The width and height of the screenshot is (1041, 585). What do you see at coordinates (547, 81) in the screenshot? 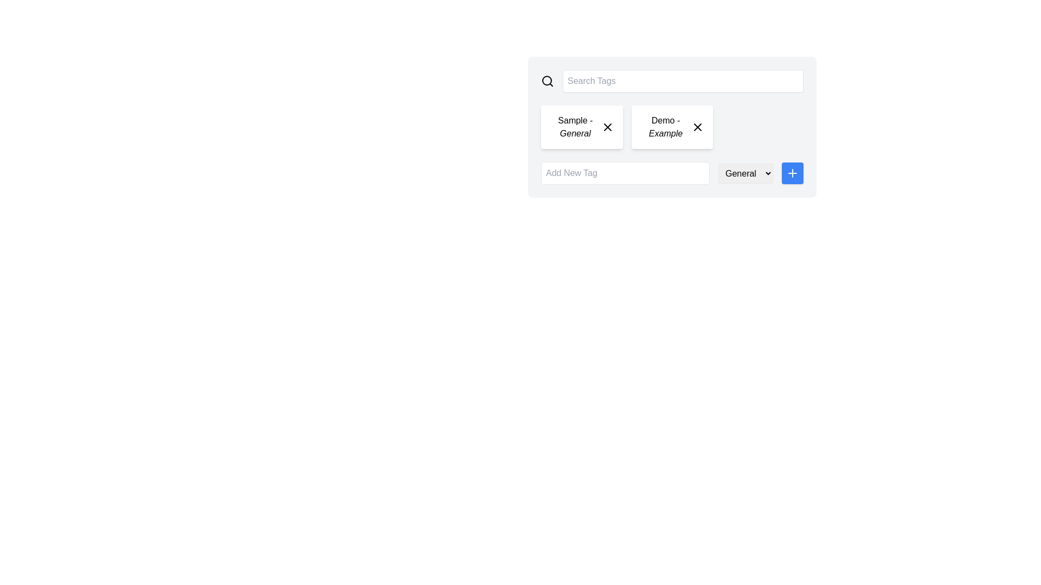
I see `the magnifying glass icon on the leftmost side of the UI to initiate a search` at bounding box center [547, 81].